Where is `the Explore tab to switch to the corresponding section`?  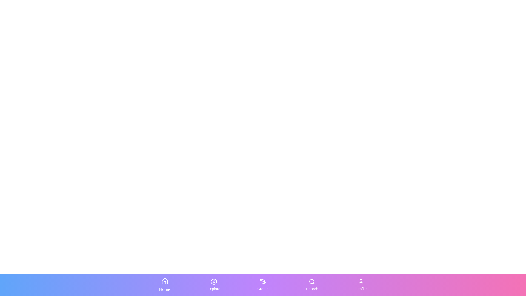 the Explore tab to switch to the corresponding section is located at coordinates (213, 285).